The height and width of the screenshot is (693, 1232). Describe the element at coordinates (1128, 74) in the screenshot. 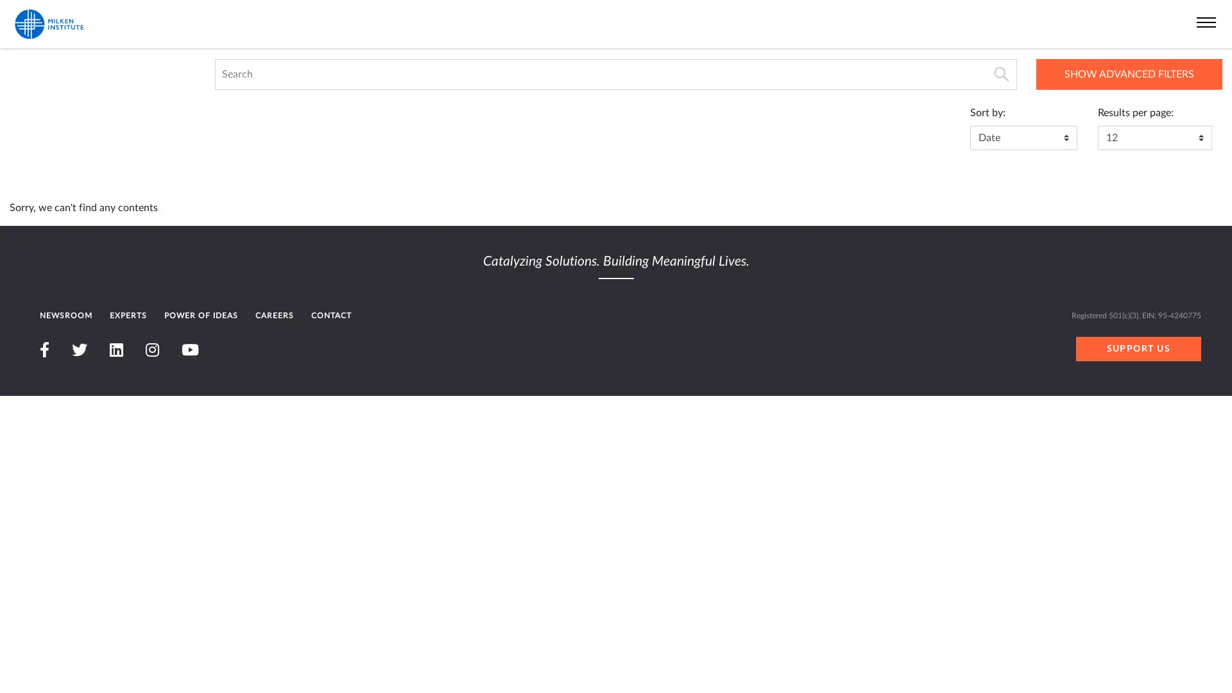

I see `SHOW ADVANCED FILTERS` at that location.